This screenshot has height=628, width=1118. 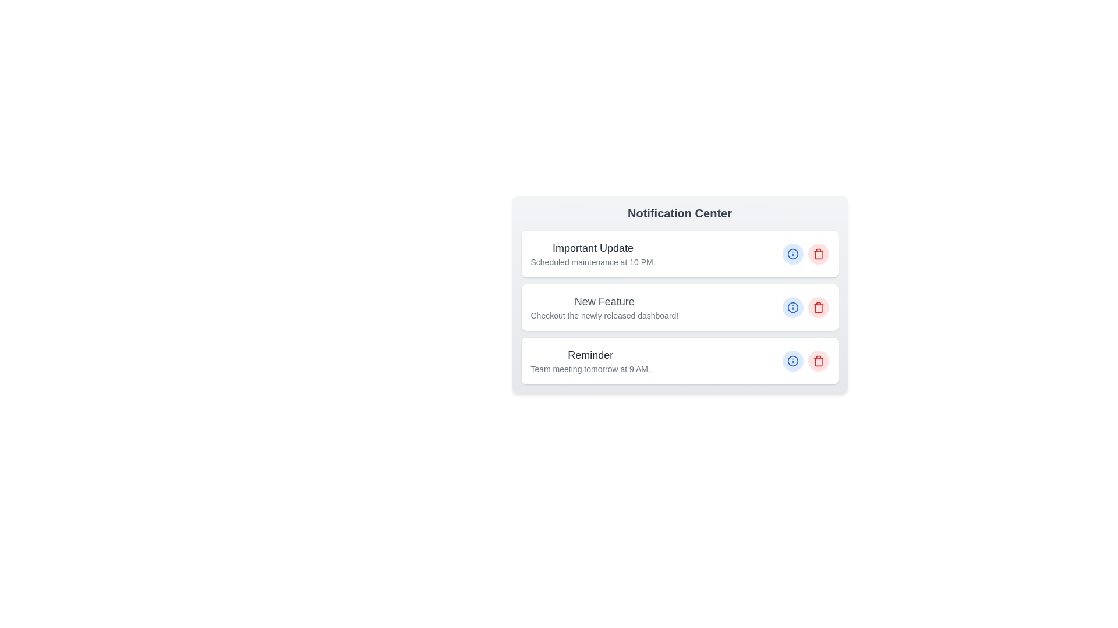 What do you see at coordinates (680, 361) in the screenshot?
I see `the item with title Reminder` at bounding box center [680, 361].